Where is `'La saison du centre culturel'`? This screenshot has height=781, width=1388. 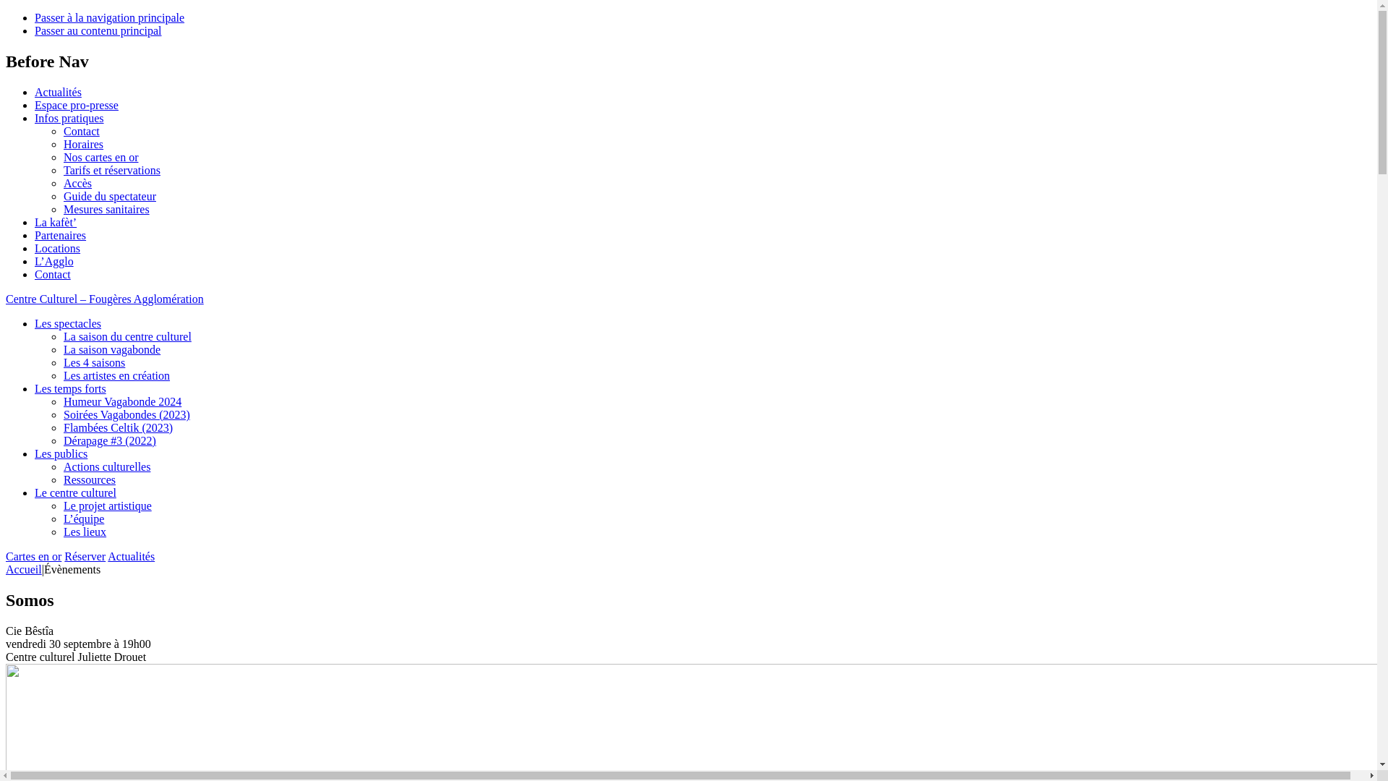 'La saison du centre culturel' is located at coordinates (127, 336).